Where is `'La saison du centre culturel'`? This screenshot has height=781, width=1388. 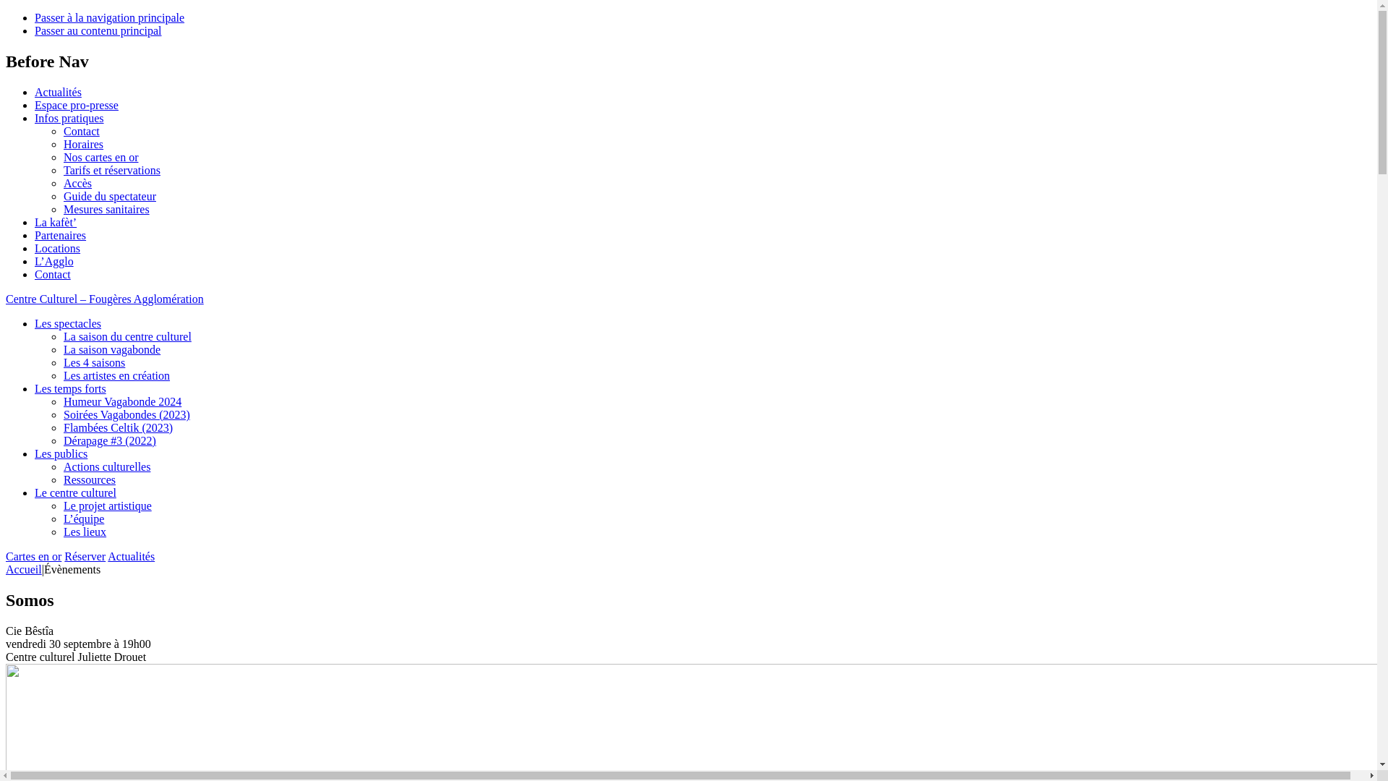 'La saison du centre culturel' is located at coordinates (127, 336).